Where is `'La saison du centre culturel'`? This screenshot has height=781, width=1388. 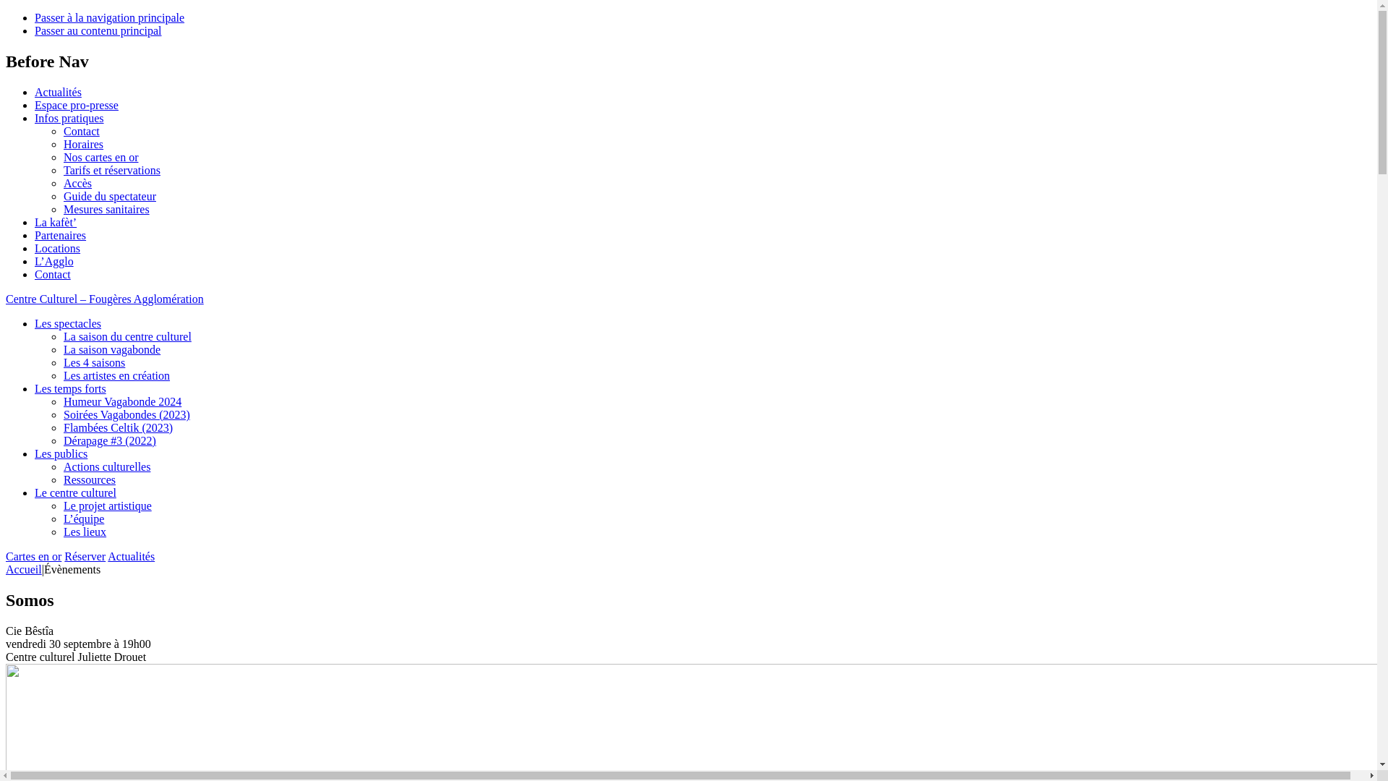 'La saison du centre culturel' is located at coordinates (127, 336).